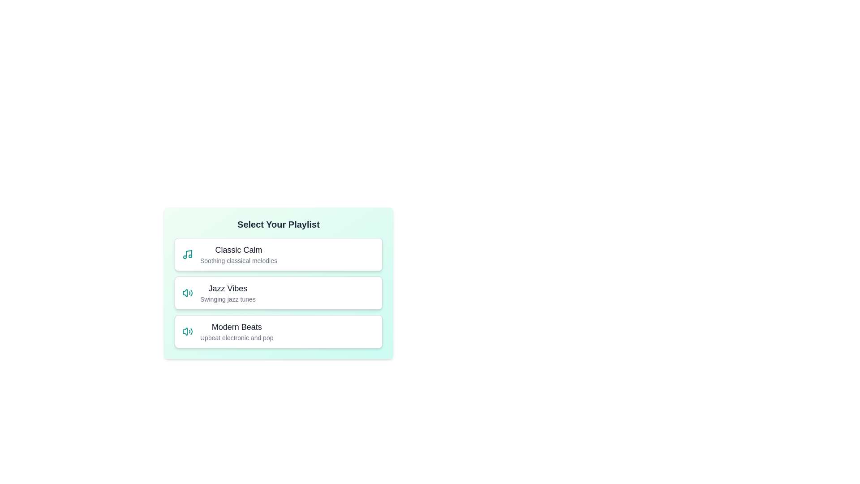 This screenshot has height=484, width=860. What do you see at coordinates (238, 254) in the screenshot?
I see `text content of the playlist titled 'Classic Calm' with the description 'Soothing classical melodies.'` at bounding box center [238, 254].